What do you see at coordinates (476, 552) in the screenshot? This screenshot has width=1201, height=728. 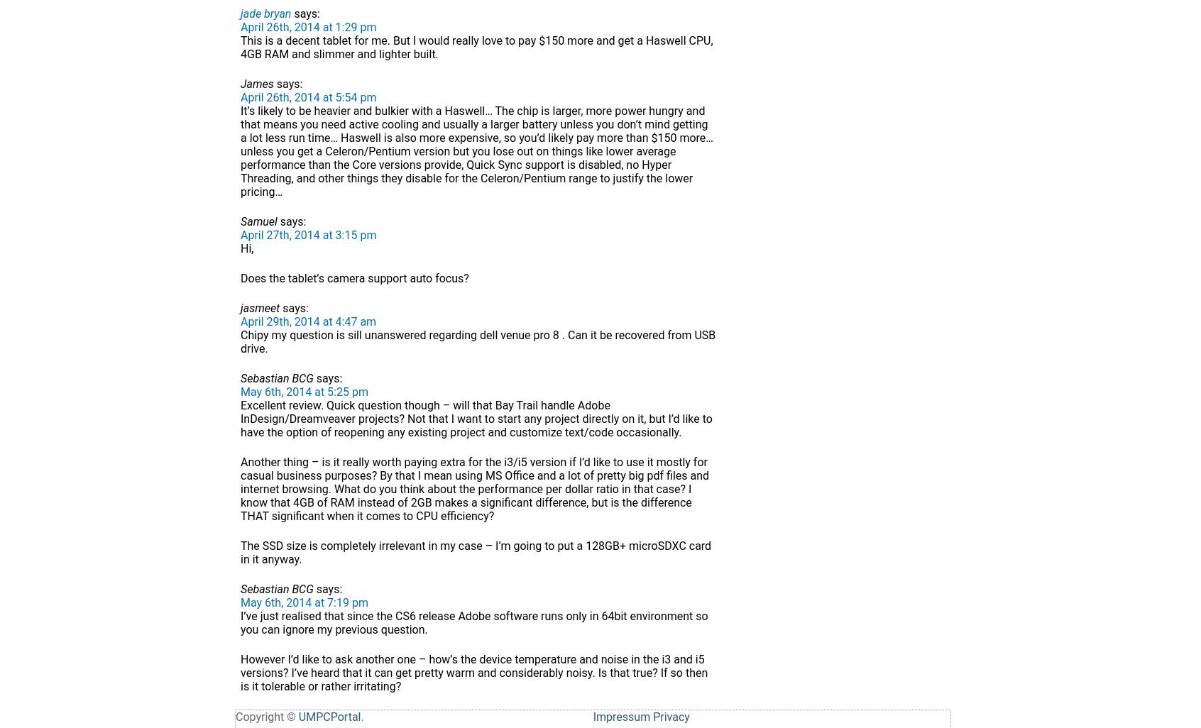 I see `'The SSD size is completely irrelevant in my case – I’m going to put a 128GB+ microSDXC card in it anyway.'` at bounding box center [476, 552].